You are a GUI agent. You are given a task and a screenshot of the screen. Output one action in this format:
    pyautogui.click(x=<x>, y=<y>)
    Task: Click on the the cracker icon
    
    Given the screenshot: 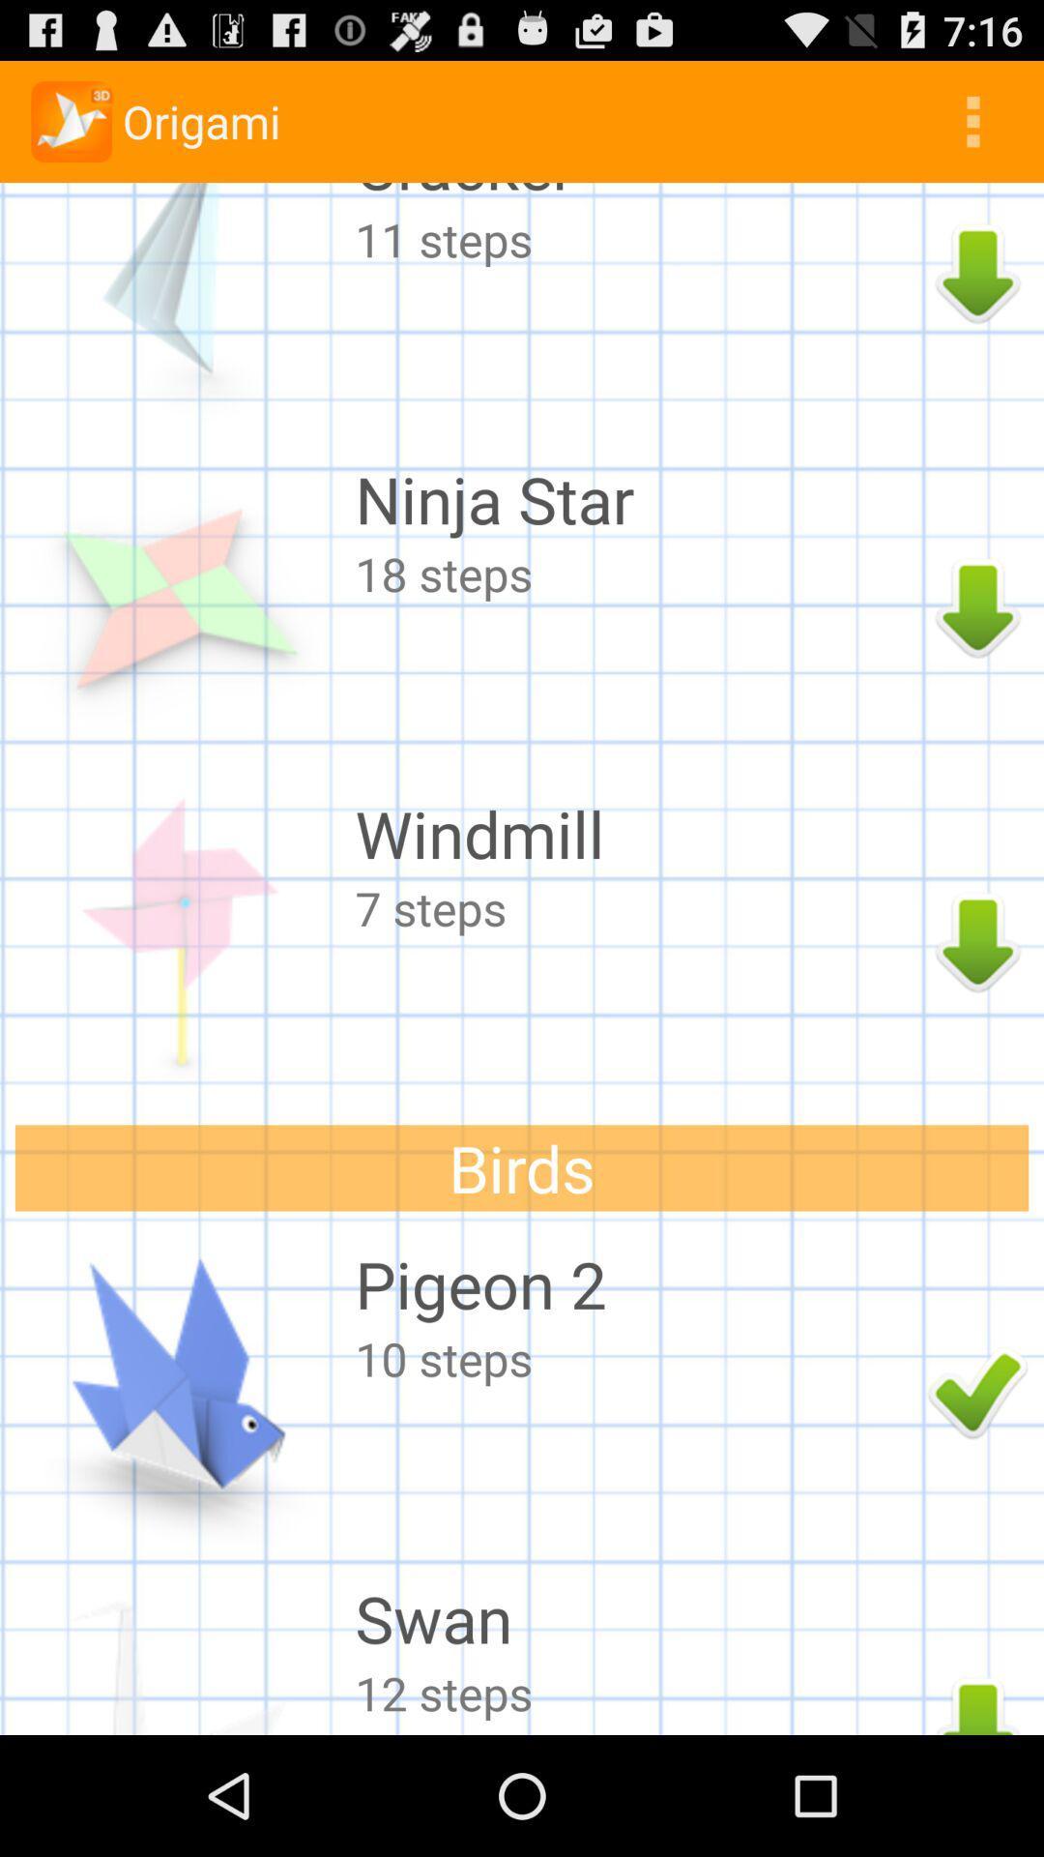 What is the action you would take?
    pyautogui.click(x=636, y=195)
    